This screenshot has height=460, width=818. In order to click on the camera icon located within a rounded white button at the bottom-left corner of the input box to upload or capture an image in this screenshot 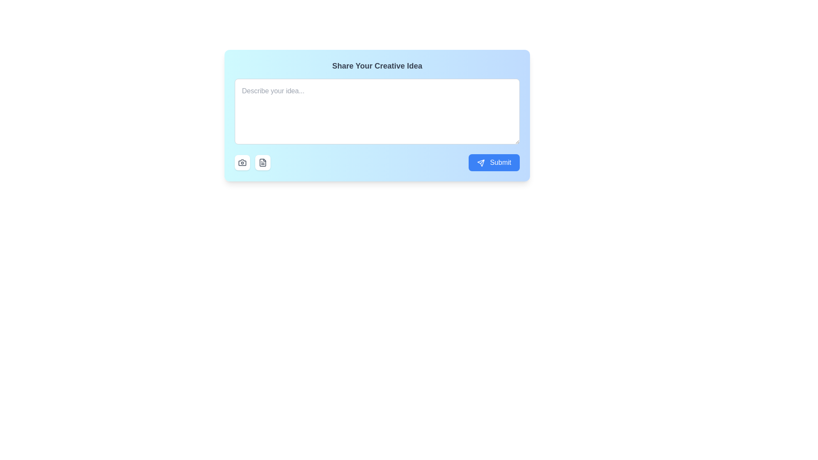, I will do `click(242, 162)`.